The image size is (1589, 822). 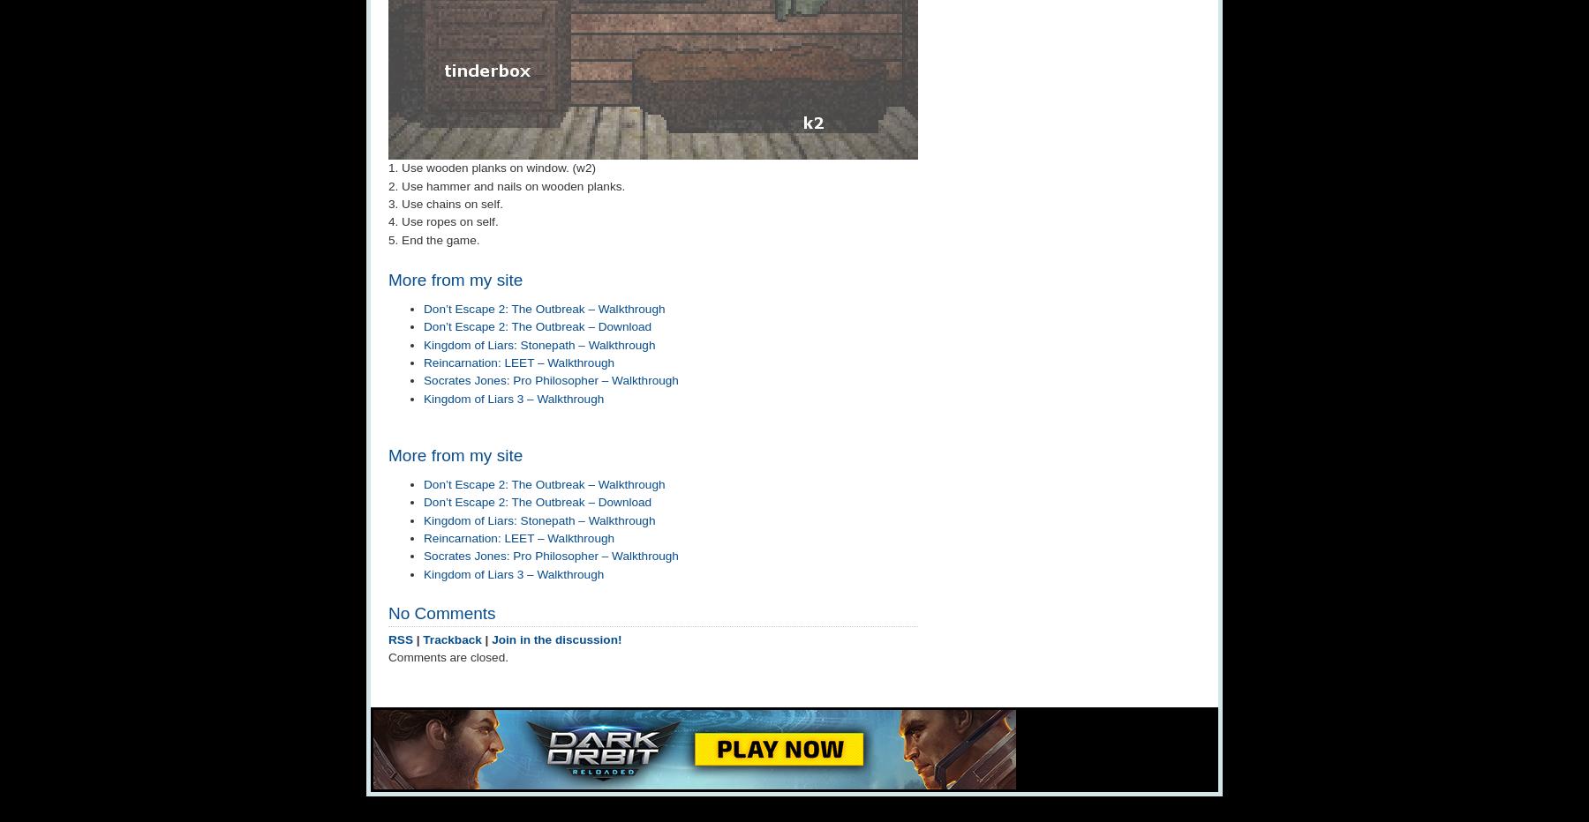 I want to click on '5. End the game.', so click(x=433, y=238).